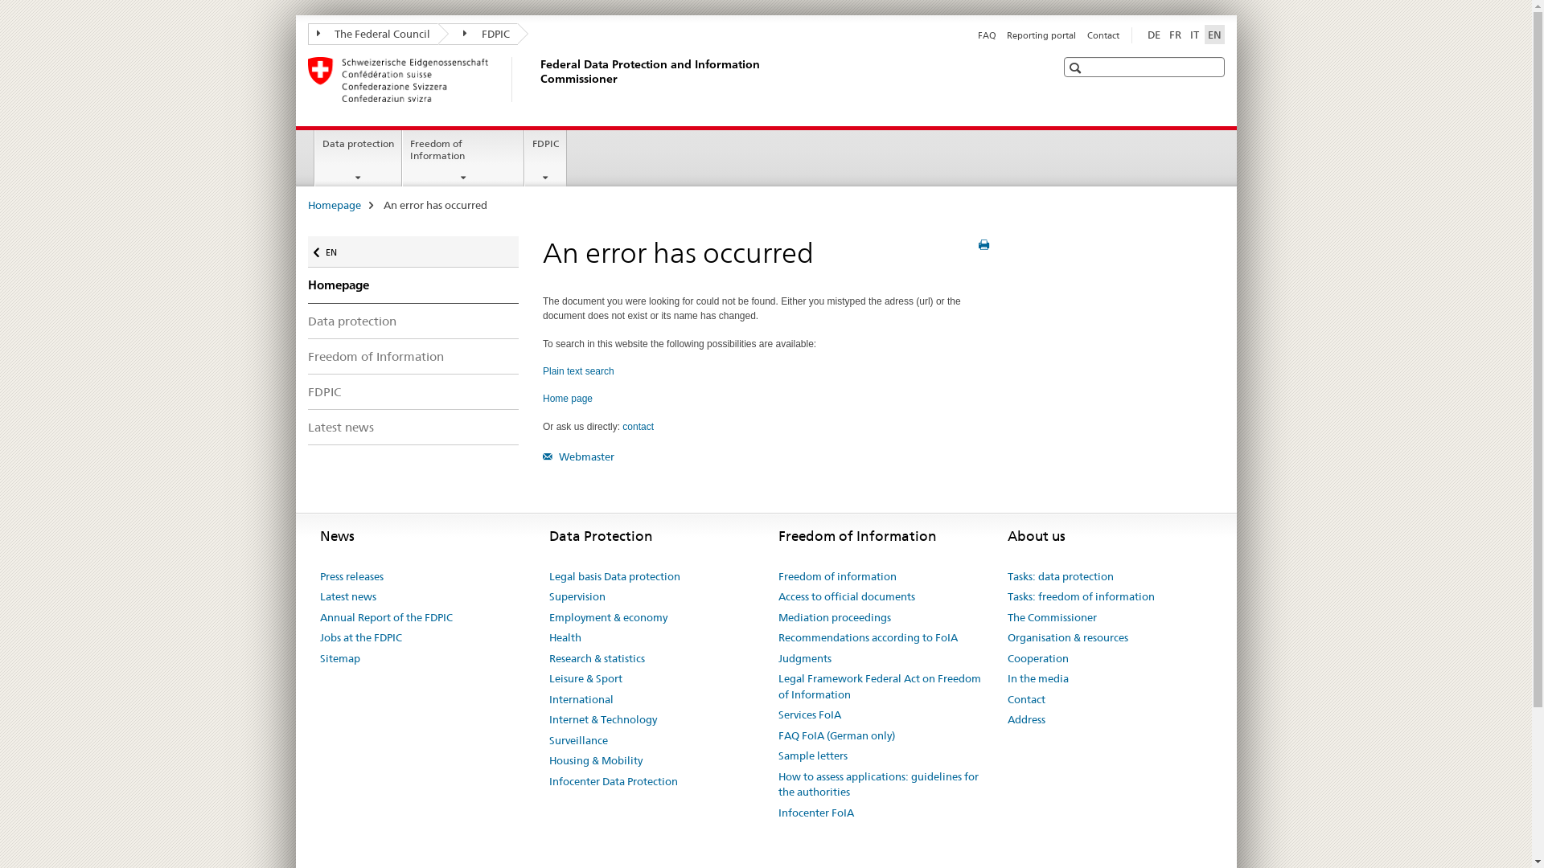 The height and width of the screenshot is (868, 1544). Describe the element at coordinates (477, 34) in the screenshot. I see `'FDPIC'` at that location.